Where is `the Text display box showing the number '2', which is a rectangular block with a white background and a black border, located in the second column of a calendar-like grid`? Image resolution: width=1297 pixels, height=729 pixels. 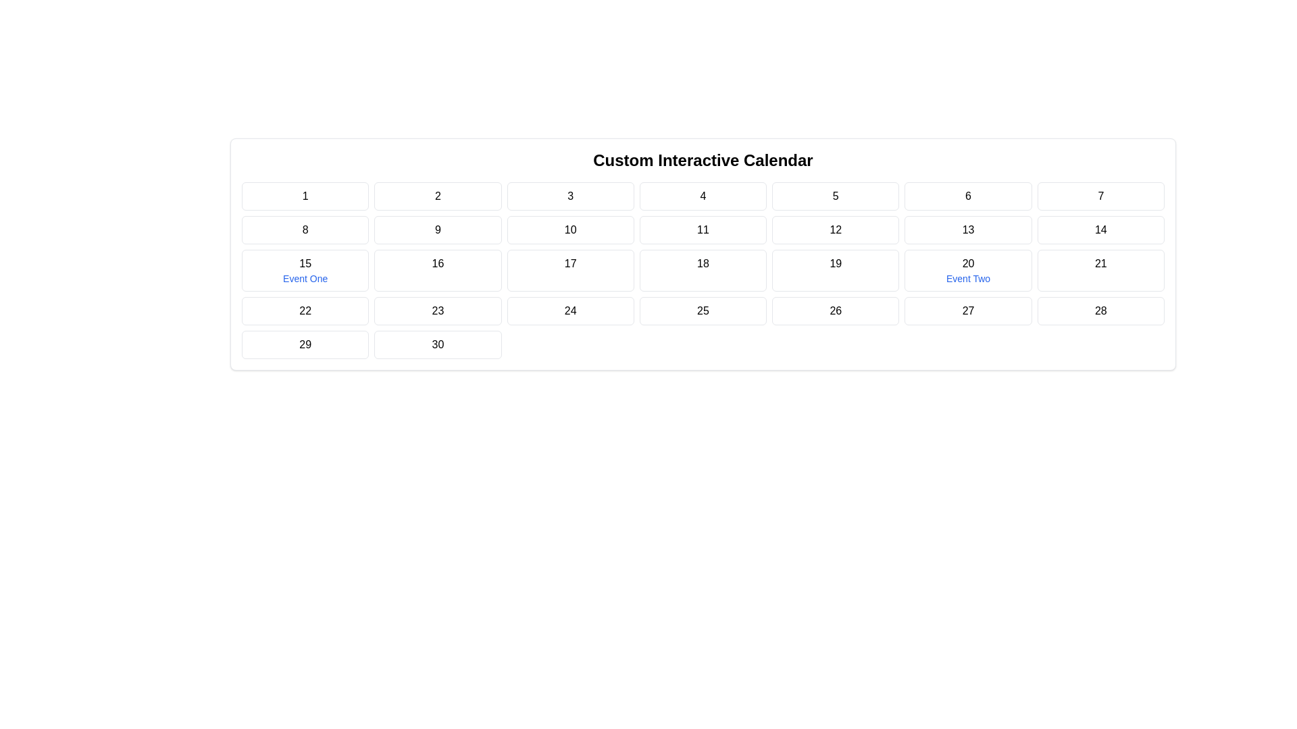
the Text display box showing the number '2', which is a rectangular block with a white background and a black border, located in the second column of a calendar-like grid is located at coordinates (438, 196).